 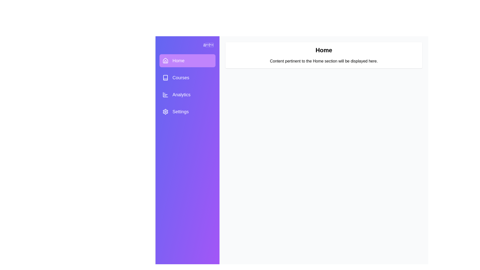 I want to click on the toggle button to change the drawer's state, so click(x=208, y=45).